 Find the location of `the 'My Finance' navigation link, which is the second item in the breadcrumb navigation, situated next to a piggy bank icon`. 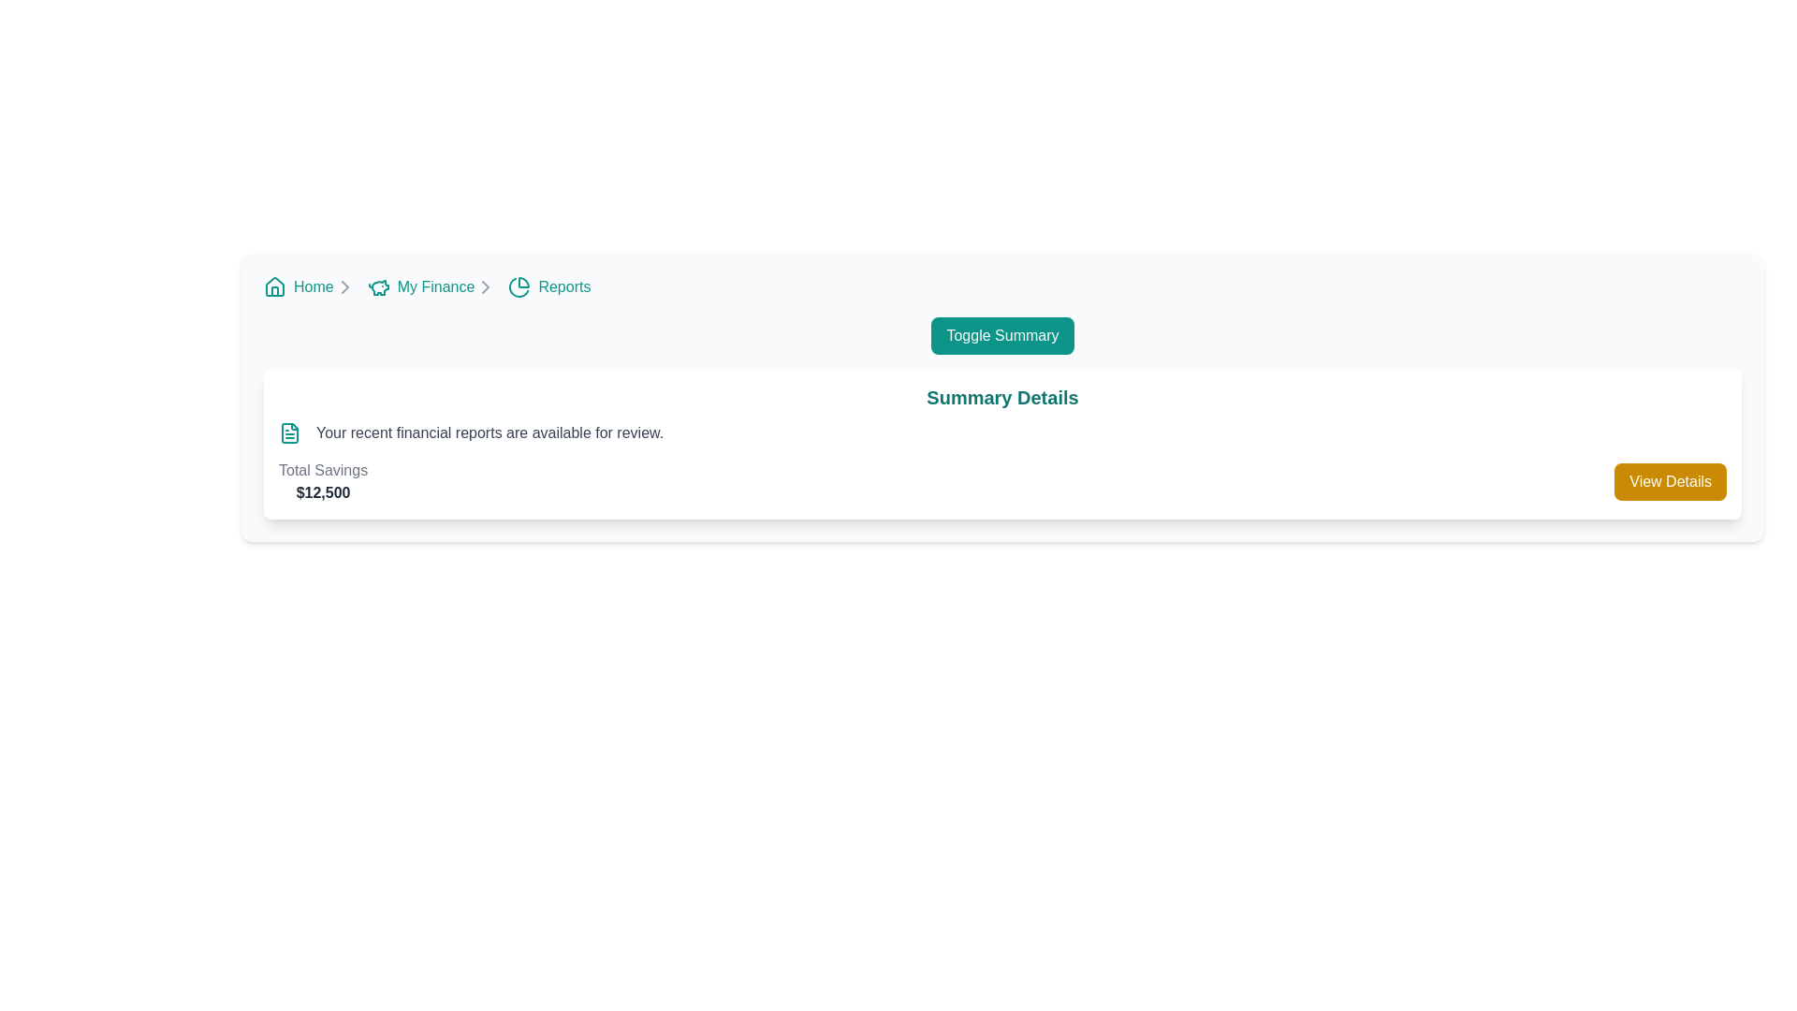

the 'My Finance' navigation link, which is the second item in the breadcrumb navigation, situated next to a piggy bank icon is located at coordinates (434, 287).